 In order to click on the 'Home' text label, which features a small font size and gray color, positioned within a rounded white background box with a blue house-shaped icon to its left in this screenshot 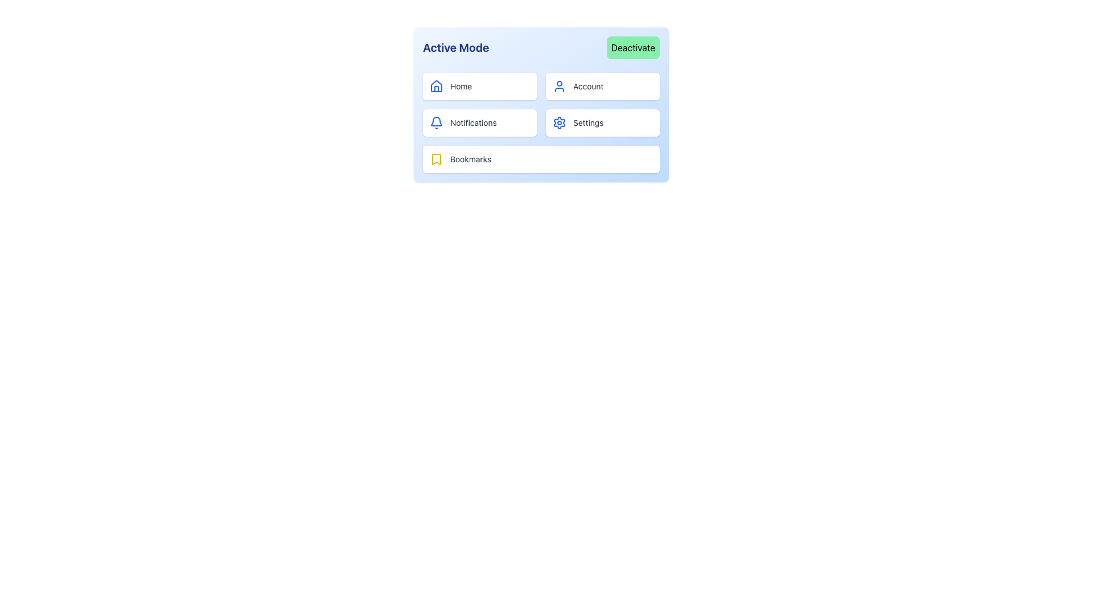, I will do `click(461, 85)`.